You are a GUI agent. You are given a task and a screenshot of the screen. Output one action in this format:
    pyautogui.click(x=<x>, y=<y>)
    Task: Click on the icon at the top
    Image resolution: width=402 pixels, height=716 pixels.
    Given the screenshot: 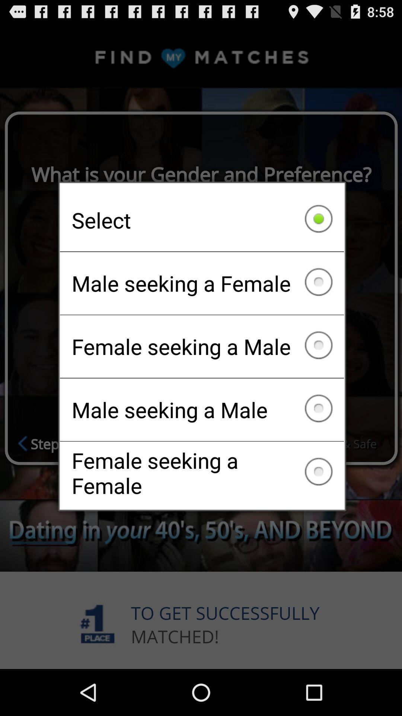 What is the action you would take?
    pyautogui.click(x=202, y=220)
    